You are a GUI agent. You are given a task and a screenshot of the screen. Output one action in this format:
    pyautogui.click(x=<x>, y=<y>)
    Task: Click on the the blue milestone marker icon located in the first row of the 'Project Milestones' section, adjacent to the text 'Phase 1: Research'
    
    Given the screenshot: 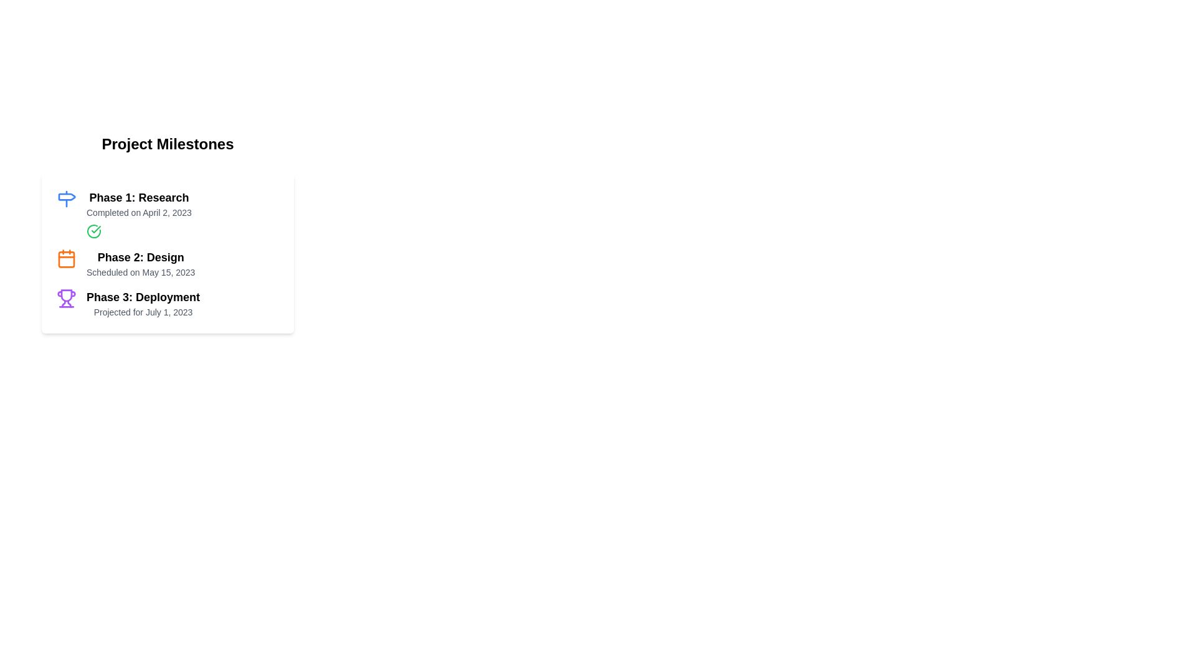 What is the action you would take?
    pyautogui.click(x=65, y=198)
    